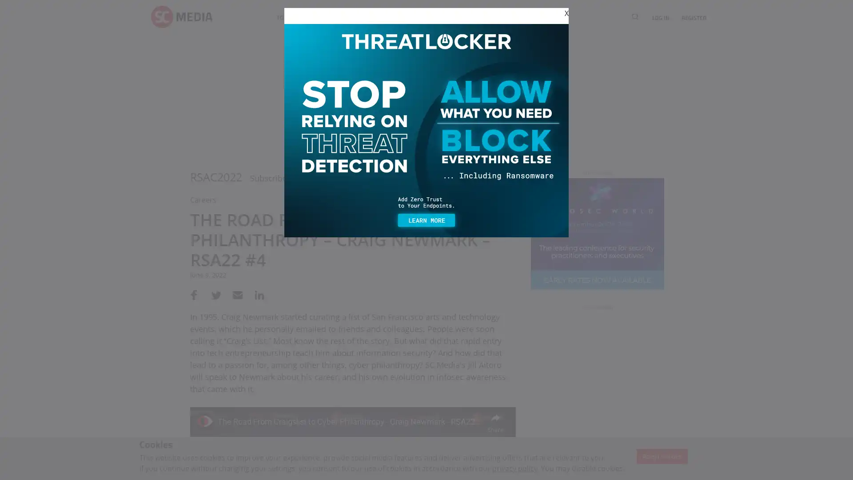 Image resolution: width=853 pixels, height=480 pixels. I want to click on Share to LinkedIn, so click(255, 295).